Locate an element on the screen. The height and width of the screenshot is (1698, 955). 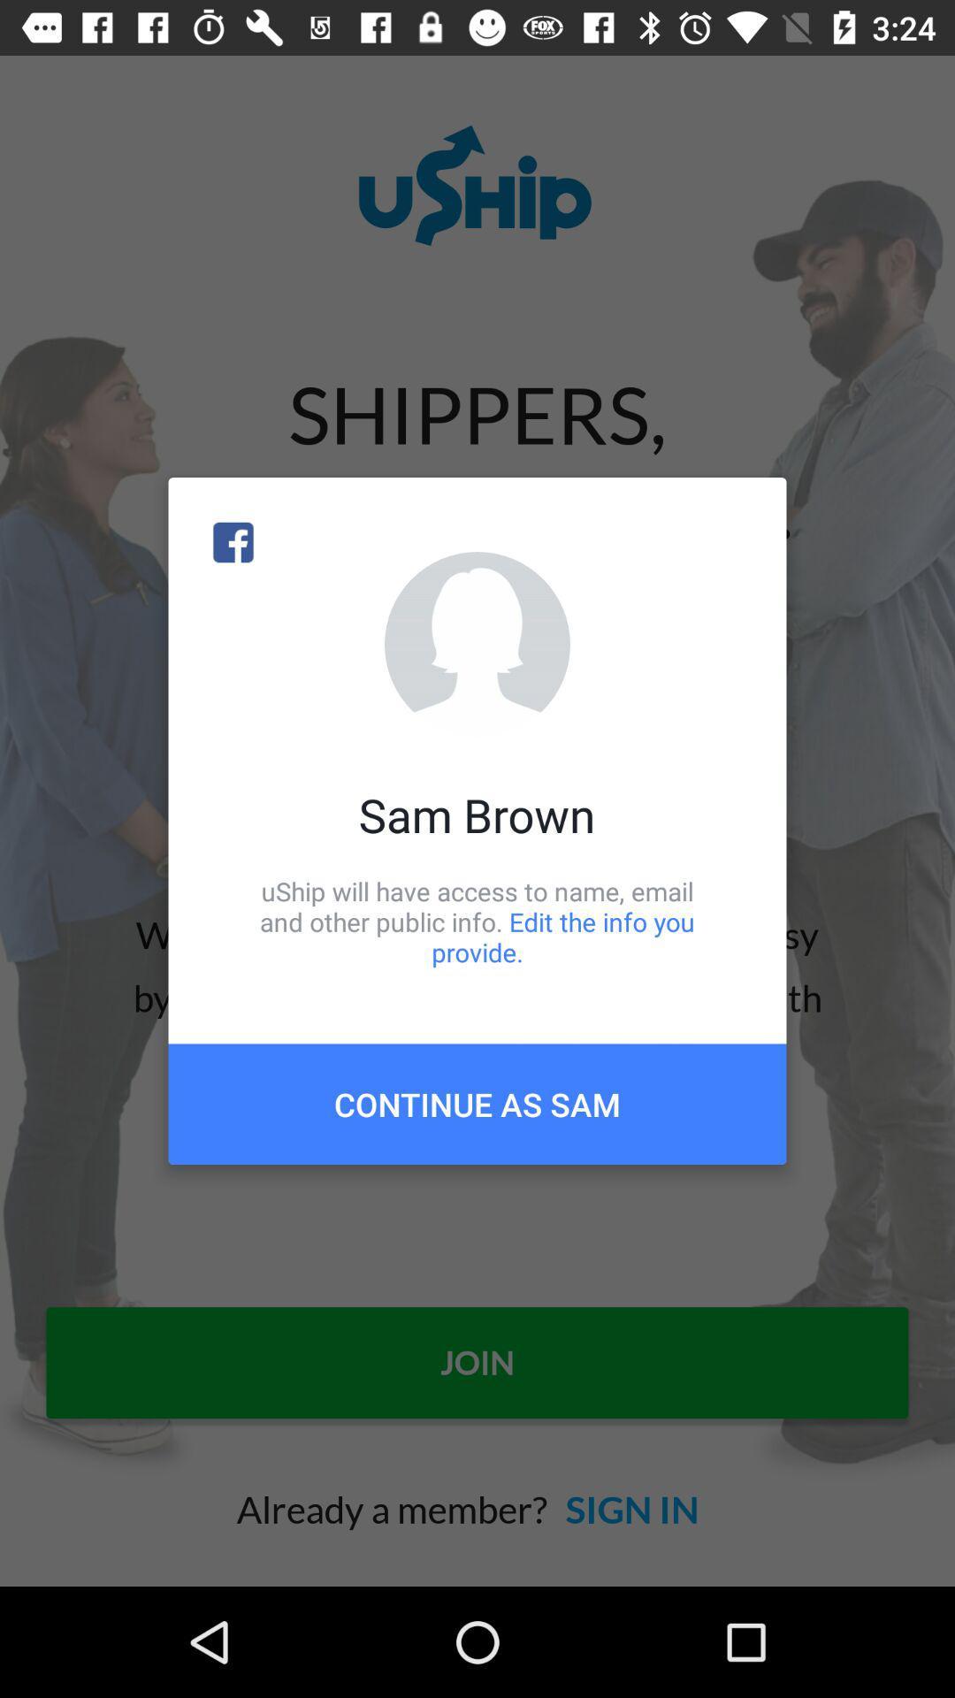
the item below the uship will have item is located at coordinates (477, 1103).